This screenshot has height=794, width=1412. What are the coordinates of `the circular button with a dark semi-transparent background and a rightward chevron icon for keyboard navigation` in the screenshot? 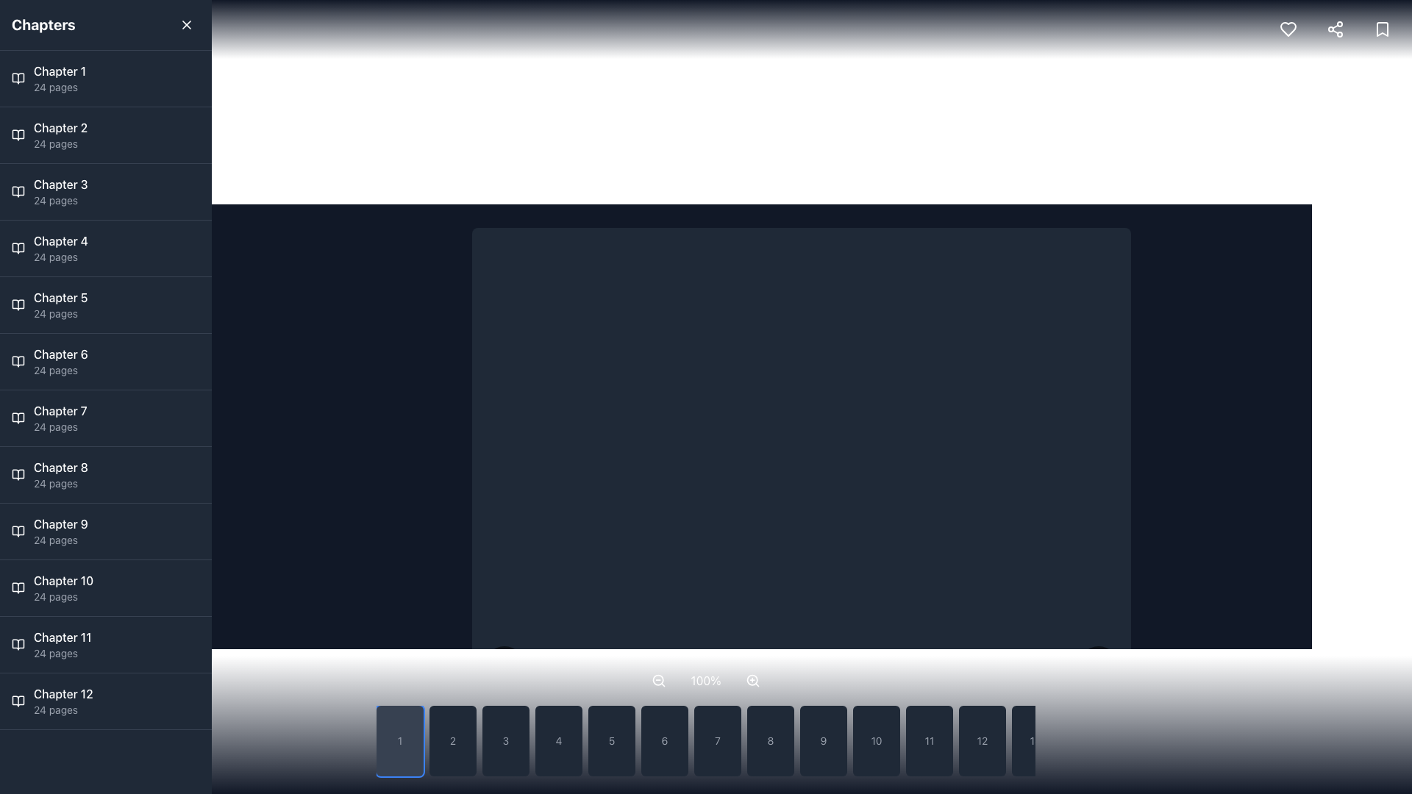 It's located at (1098, 667).